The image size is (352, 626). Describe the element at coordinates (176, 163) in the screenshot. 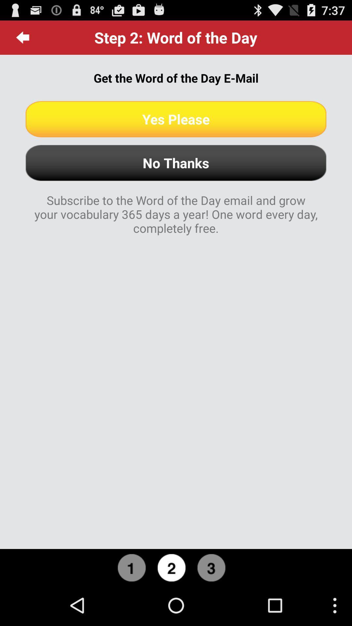

I see `no thanks button` at that location.